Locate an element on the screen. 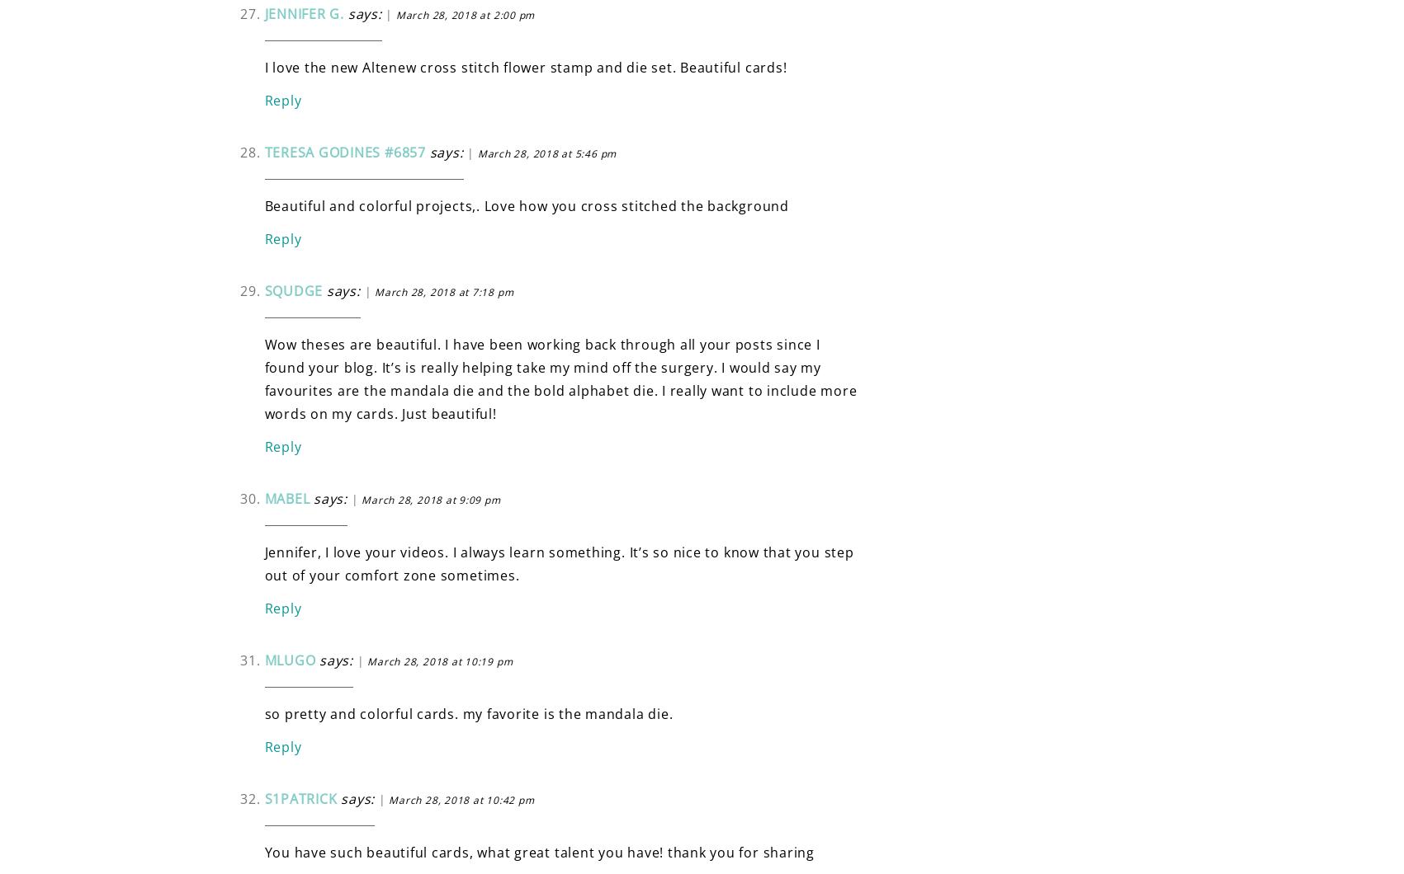 The height and width of the screenshot is (874, 1404). 'MLugo' is located at coordinates (289, 659).